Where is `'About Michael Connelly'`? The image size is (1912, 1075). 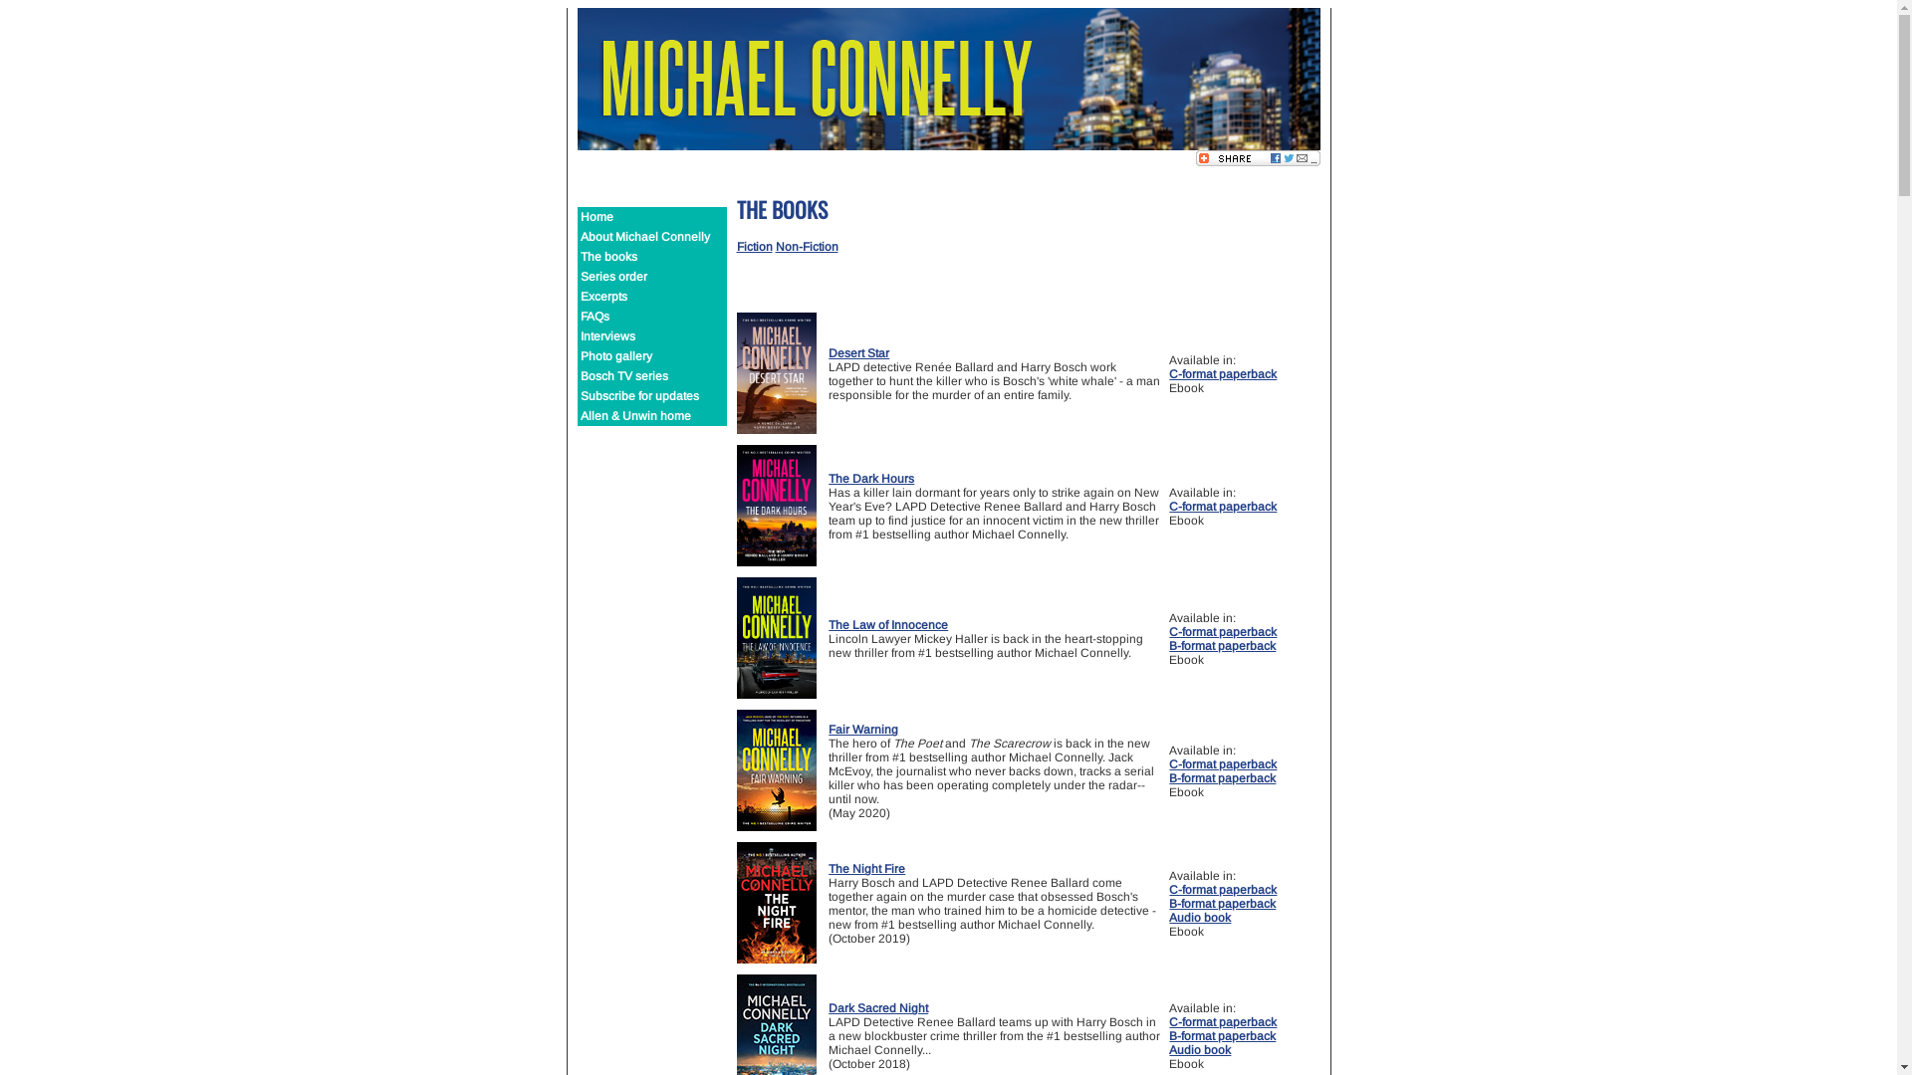 'About Michael Connelly' is located at coordinates (651, 236).